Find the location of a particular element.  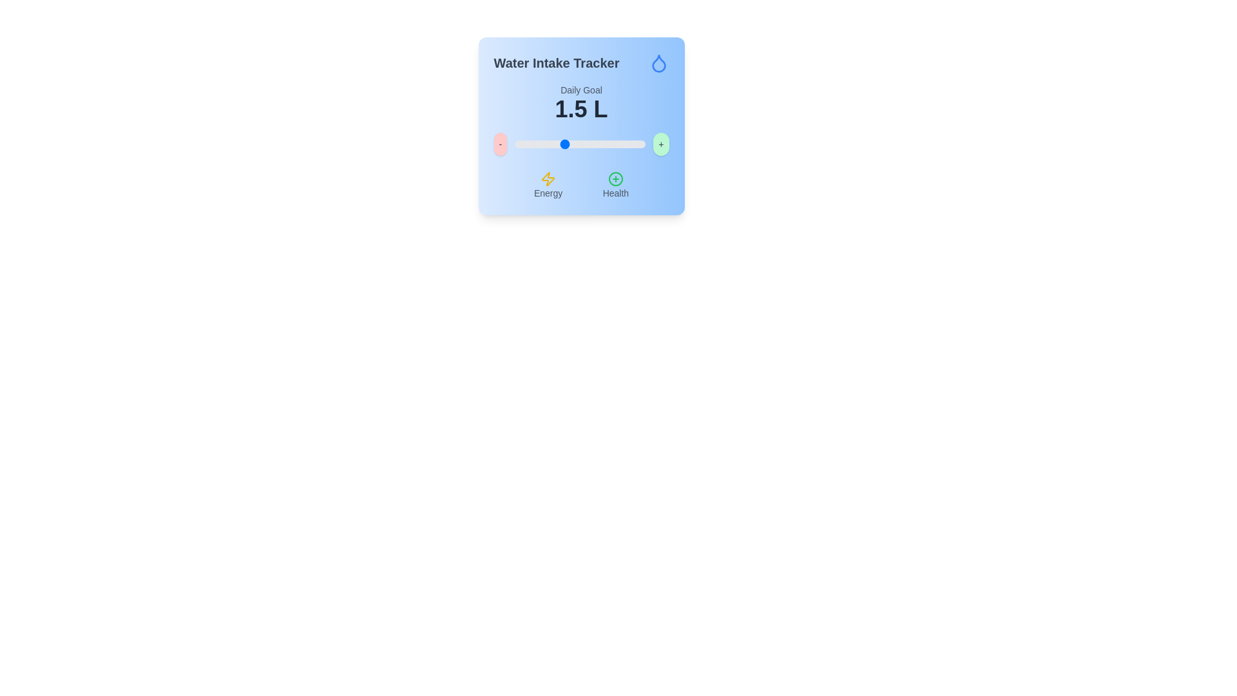

the text label displaying 'Health', which is styled in grey and located near the bottom center of the interface beneath a green '+' icon is located at coordinates (615, 193).